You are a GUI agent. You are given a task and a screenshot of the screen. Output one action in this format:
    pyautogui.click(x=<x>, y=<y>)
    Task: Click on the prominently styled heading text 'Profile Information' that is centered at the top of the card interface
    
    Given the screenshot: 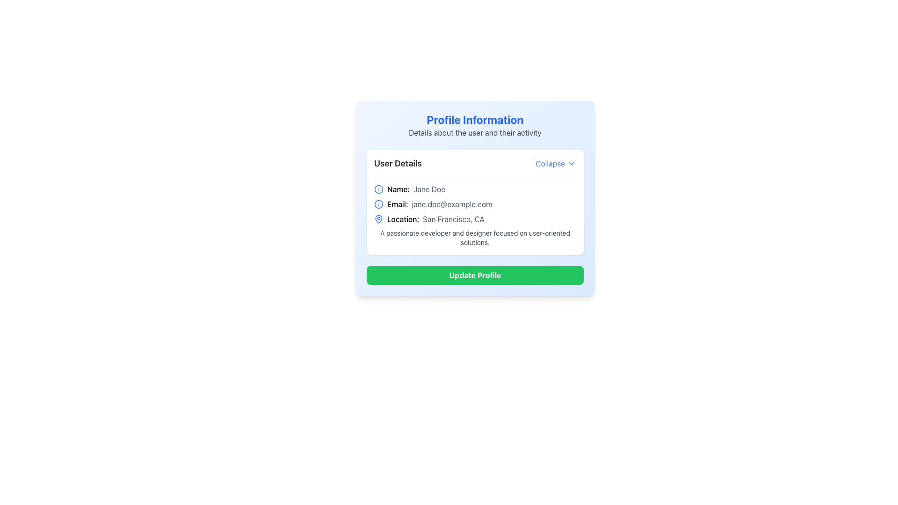 What is the action you would take?
    pyautogui.click(x=475, y=119)
    